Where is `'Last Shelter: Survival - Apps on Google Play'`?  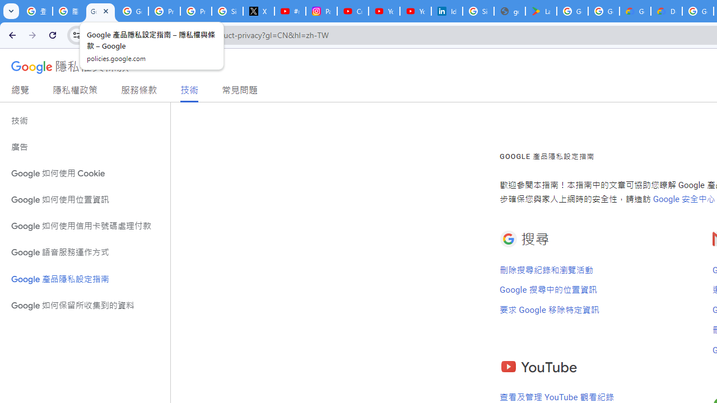 'Last Shelter: Survival - Apps on Google Play' is located at coordinates (541, 11).